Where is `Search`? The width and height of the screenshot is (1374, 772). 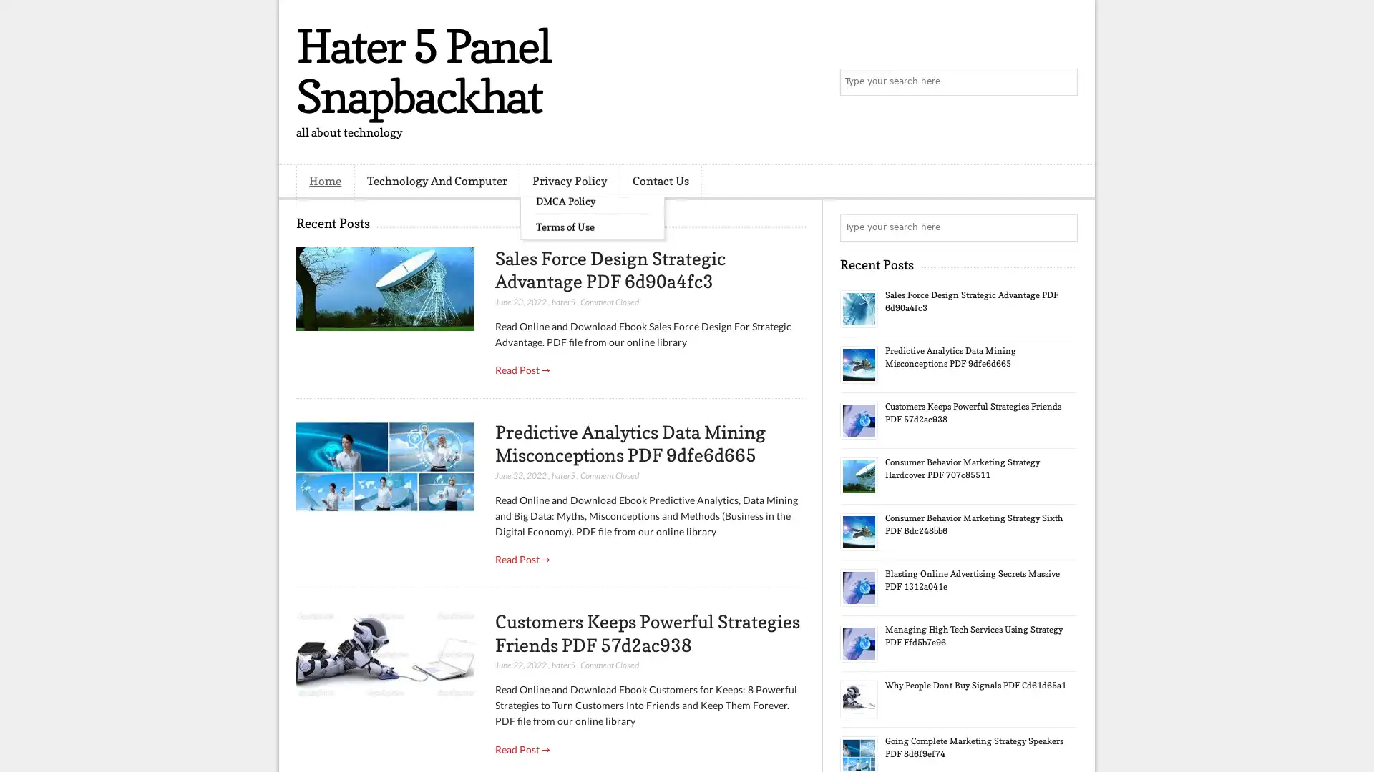 Search is located at coordinates (1063, 227).